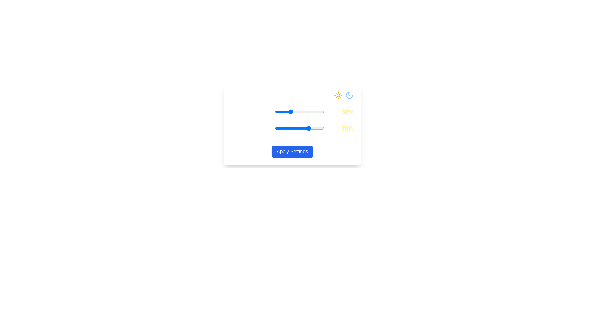 This screenshot has height=331, width=589. What do you see at coordinates (283, 112) in the screenshot?
I see `the Daylight Intensity slider to 17%` at bounding box center [283, 112].